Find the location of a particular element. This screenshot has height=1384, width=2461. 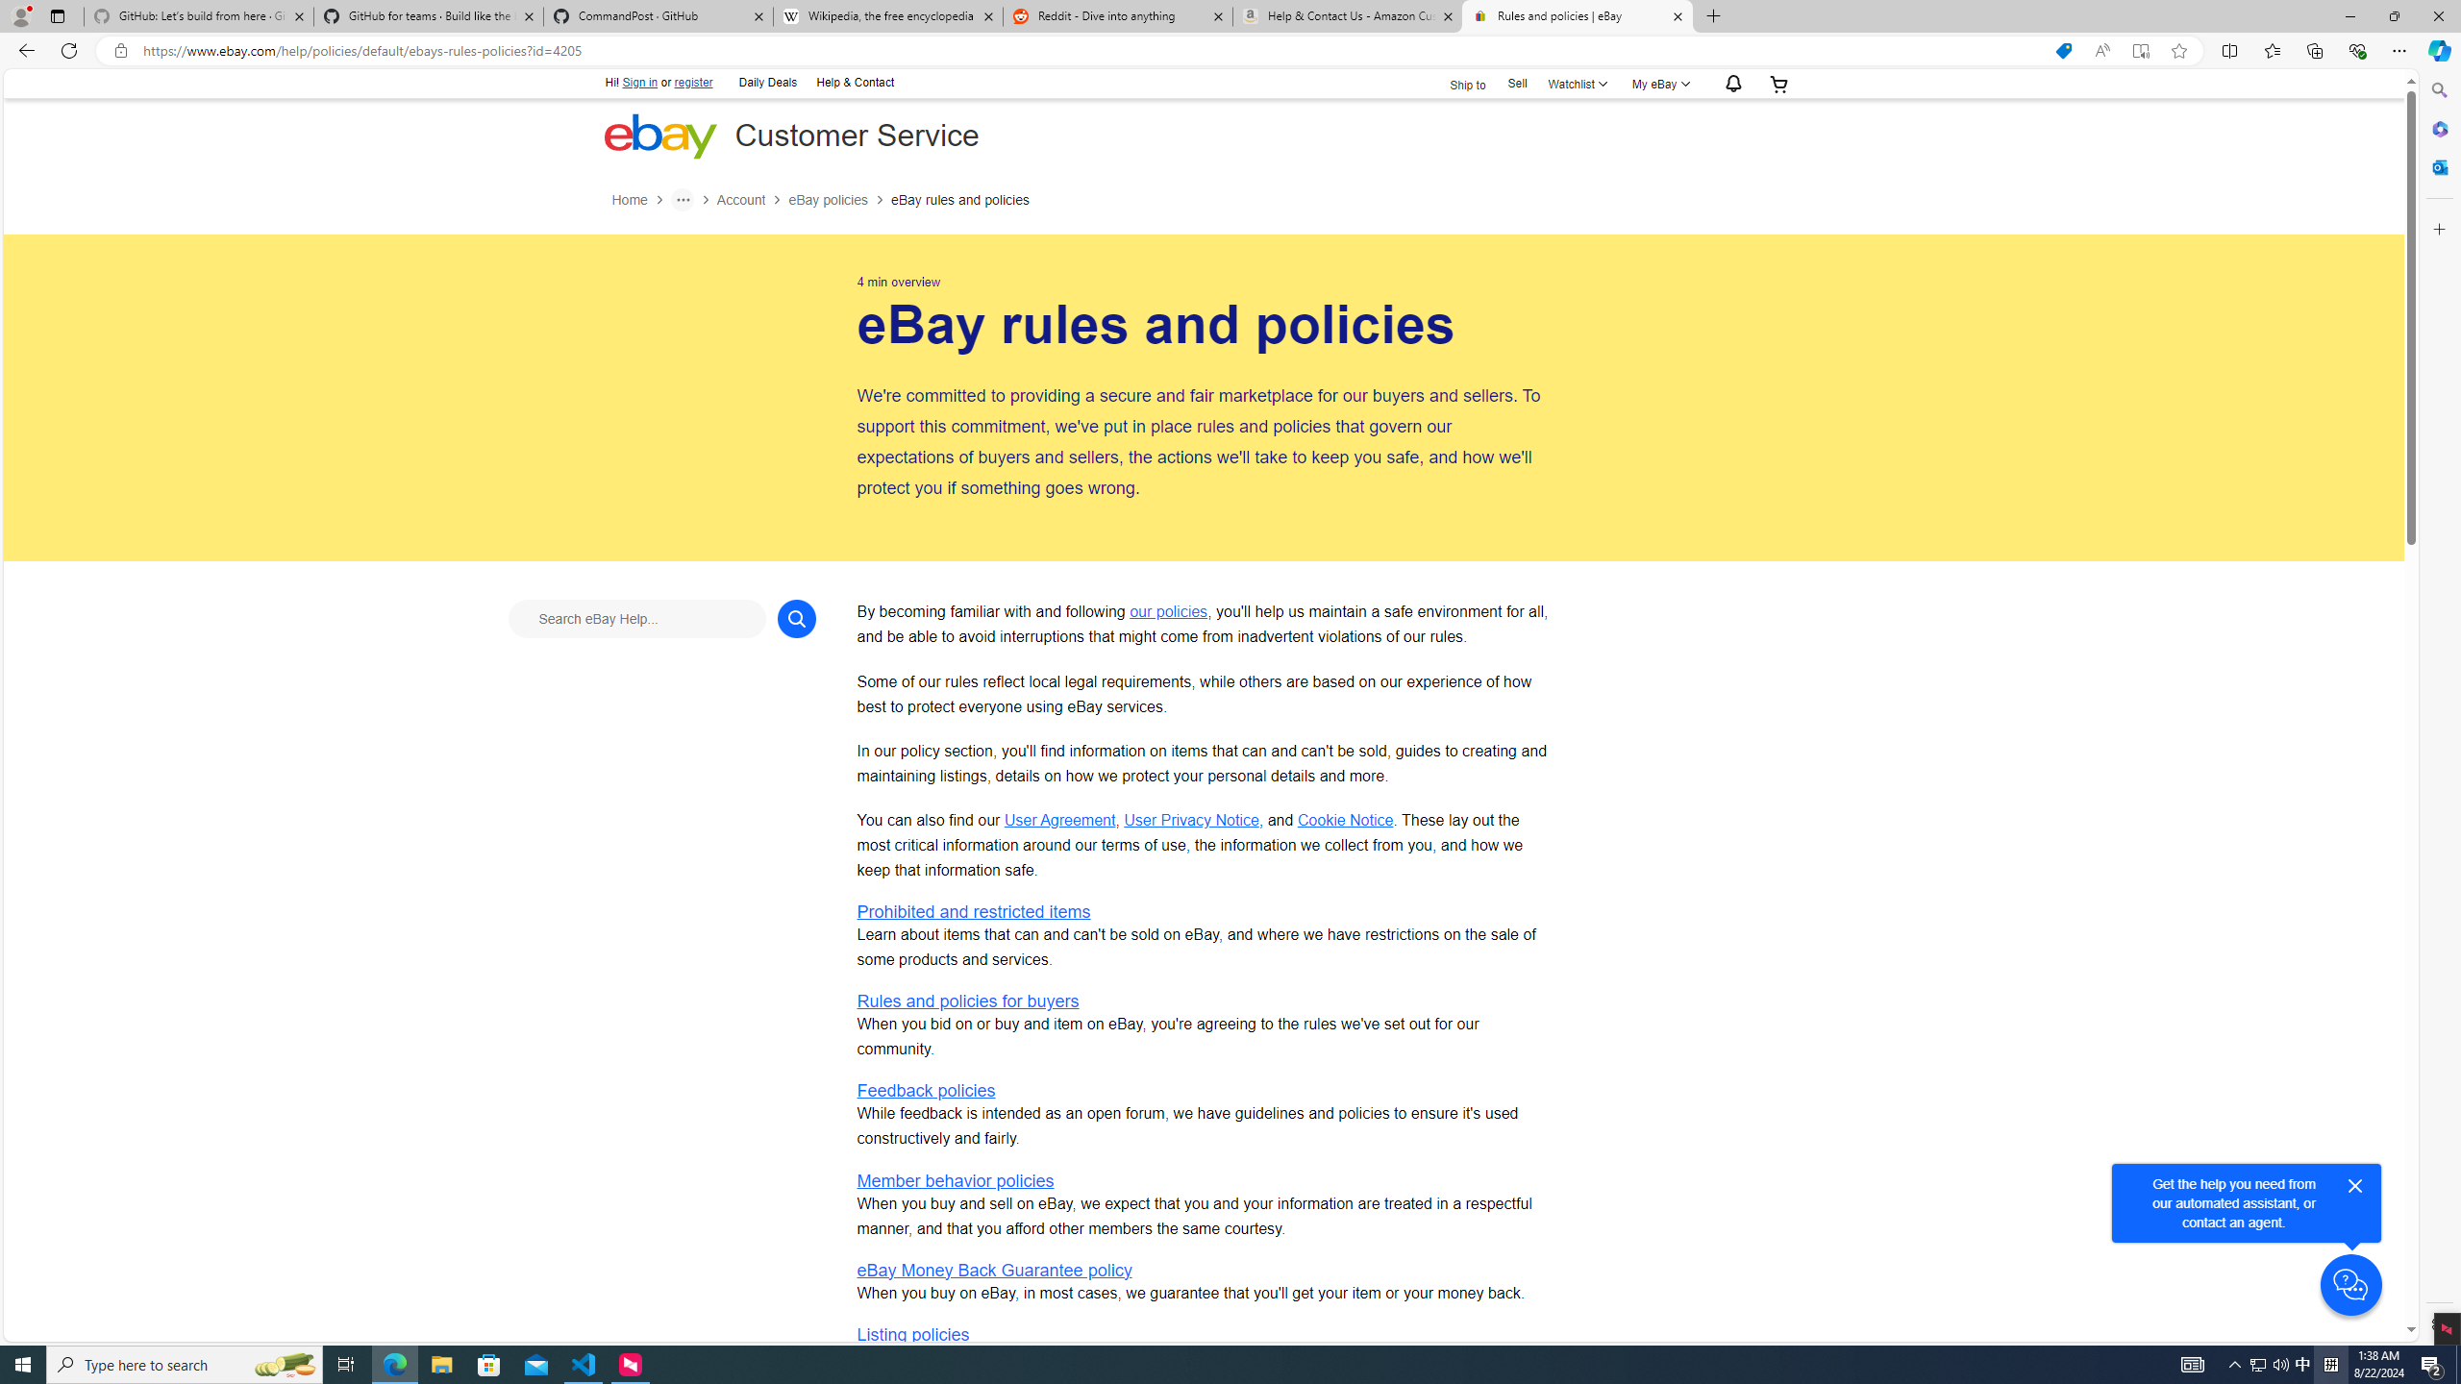

'Cookie Notice' is located at coordinates (1344, 820).